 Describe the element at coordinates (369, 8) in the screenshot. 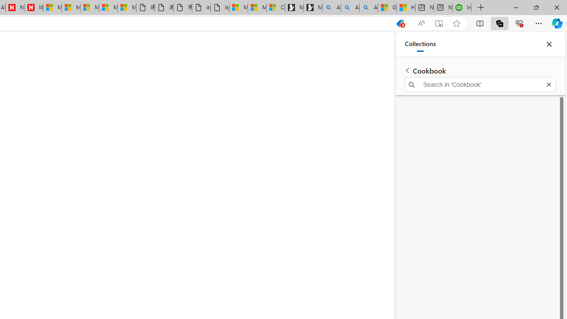

I see `'Alabama high school quarterback dies - Search Videos'` at that location.